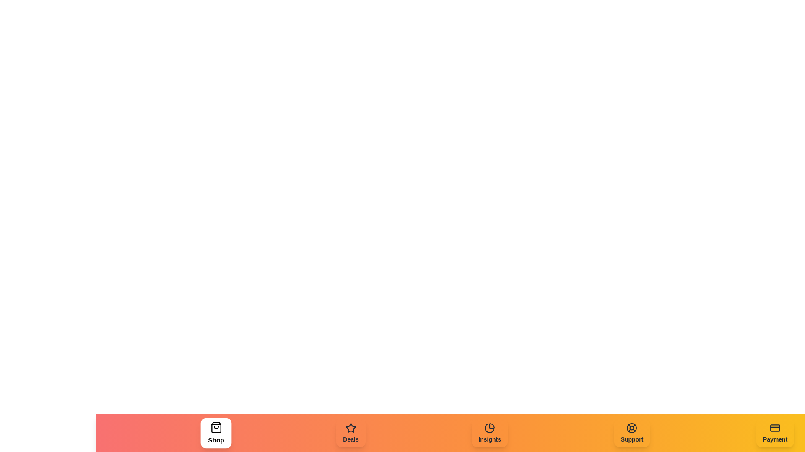  Describe the element at coordinates (216, 433) in the screenshot. I see `the Shop tab to navigate to its section` at that location.